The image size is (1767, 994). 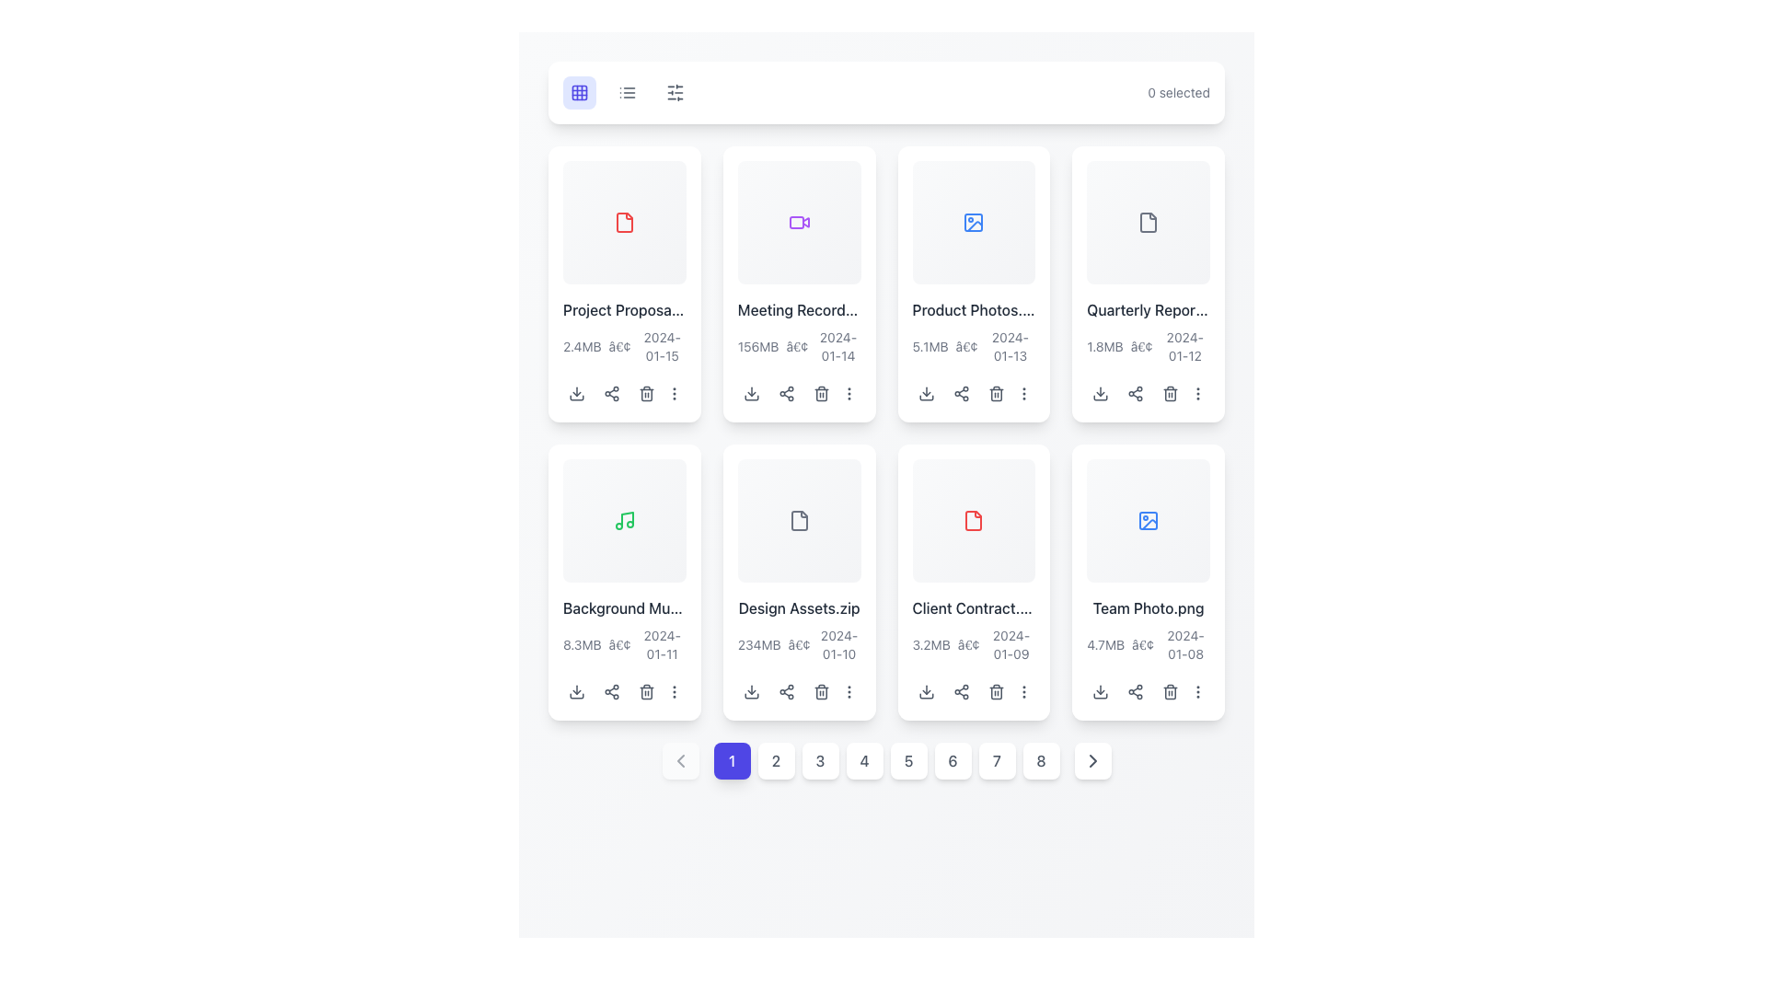 I want to click on the icon button located in the bottom-right corner of the 'Team Photo.png' card, so click(x=1198, y=691).